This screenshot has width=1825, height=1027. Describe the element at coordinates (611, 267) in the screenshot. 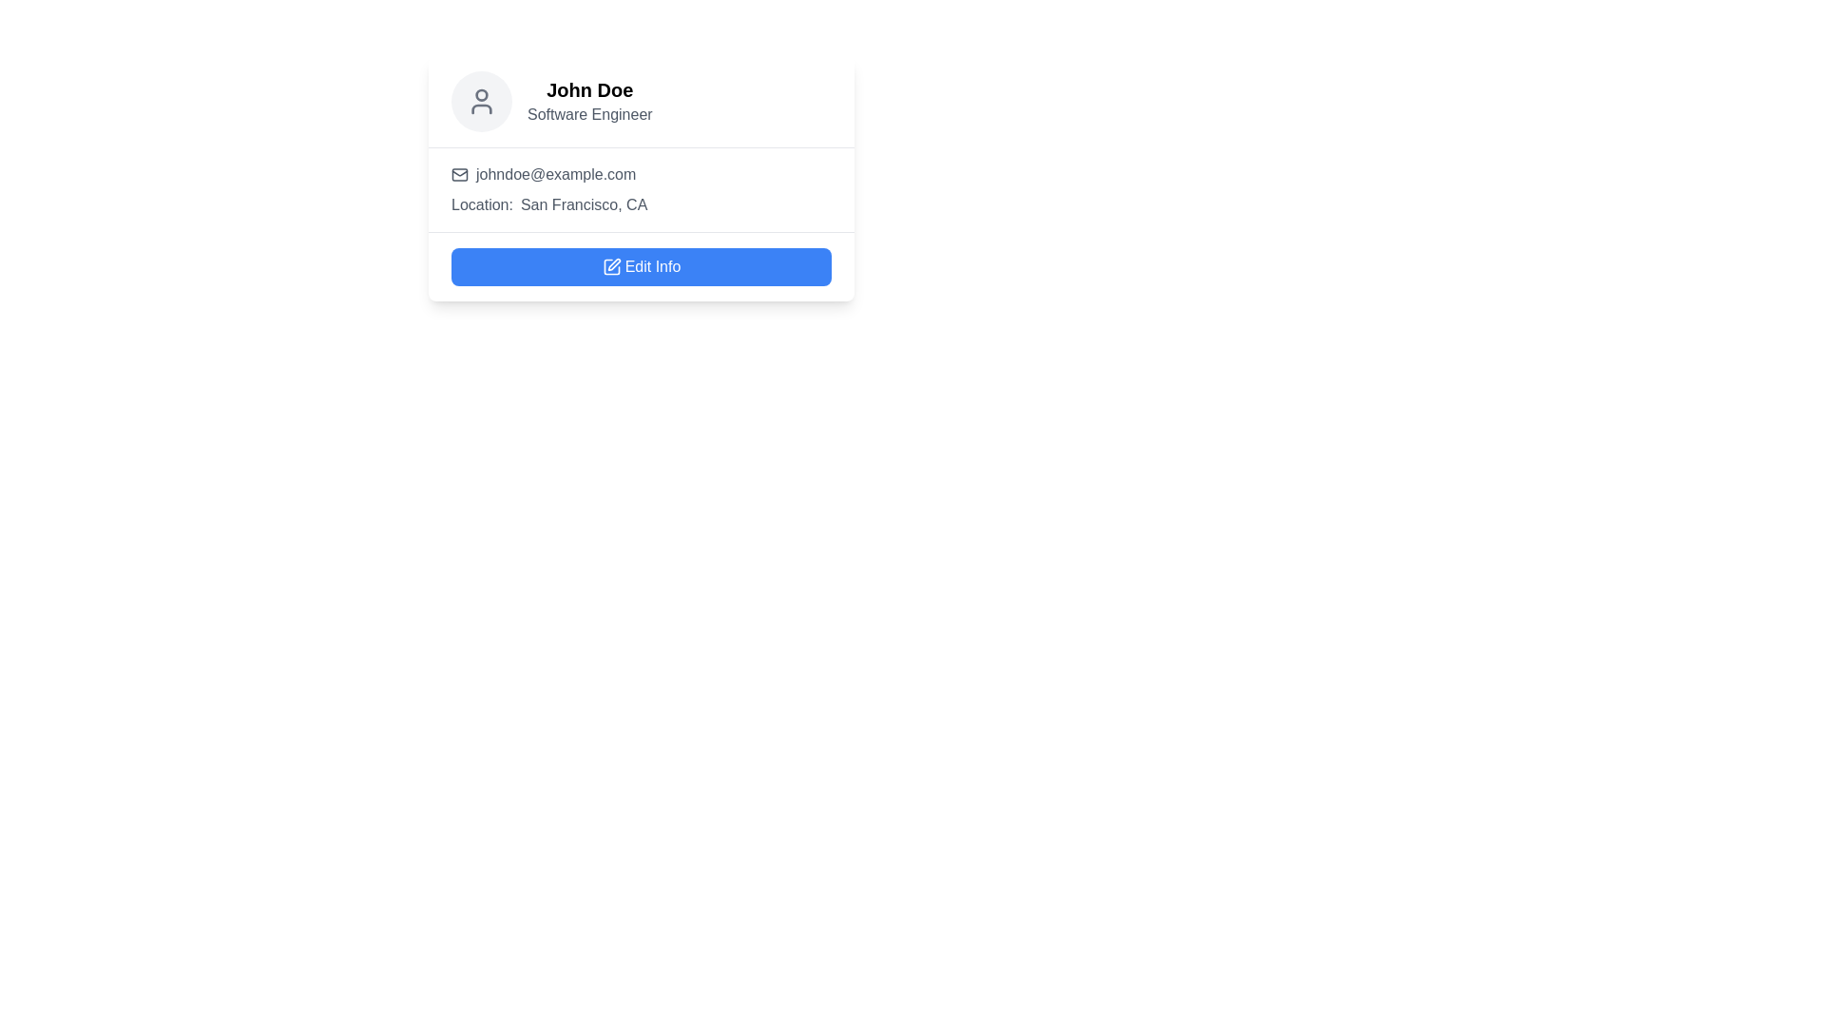

I see `the small square pen icon indicating the edit function, which is located to the left of the 'Edit Info' text within a blue button in the user profile section` at that location.